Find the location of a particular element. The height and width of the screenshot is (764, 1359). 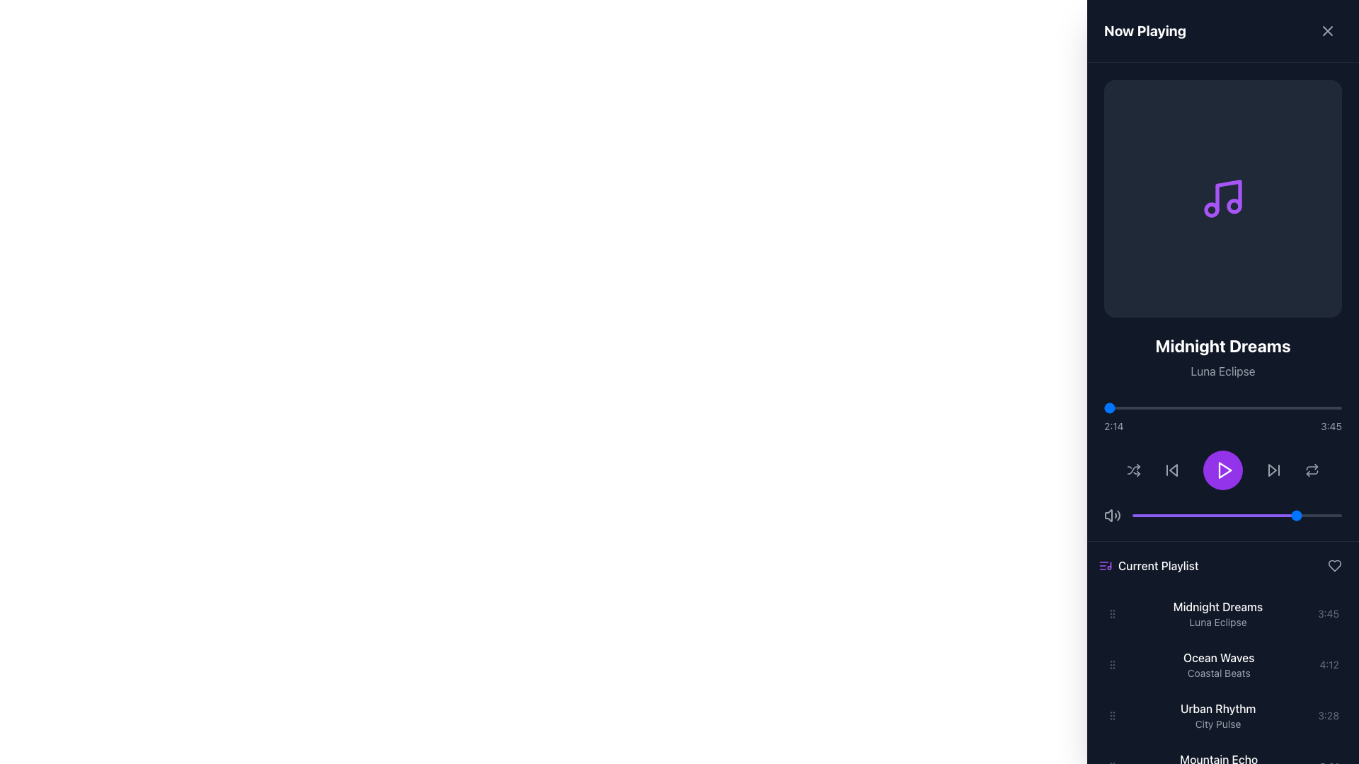

the Text label displaying '3:45' in light gray, positioned at the right end of the time display bar within the playback section is located at coordinates (1331, 425).